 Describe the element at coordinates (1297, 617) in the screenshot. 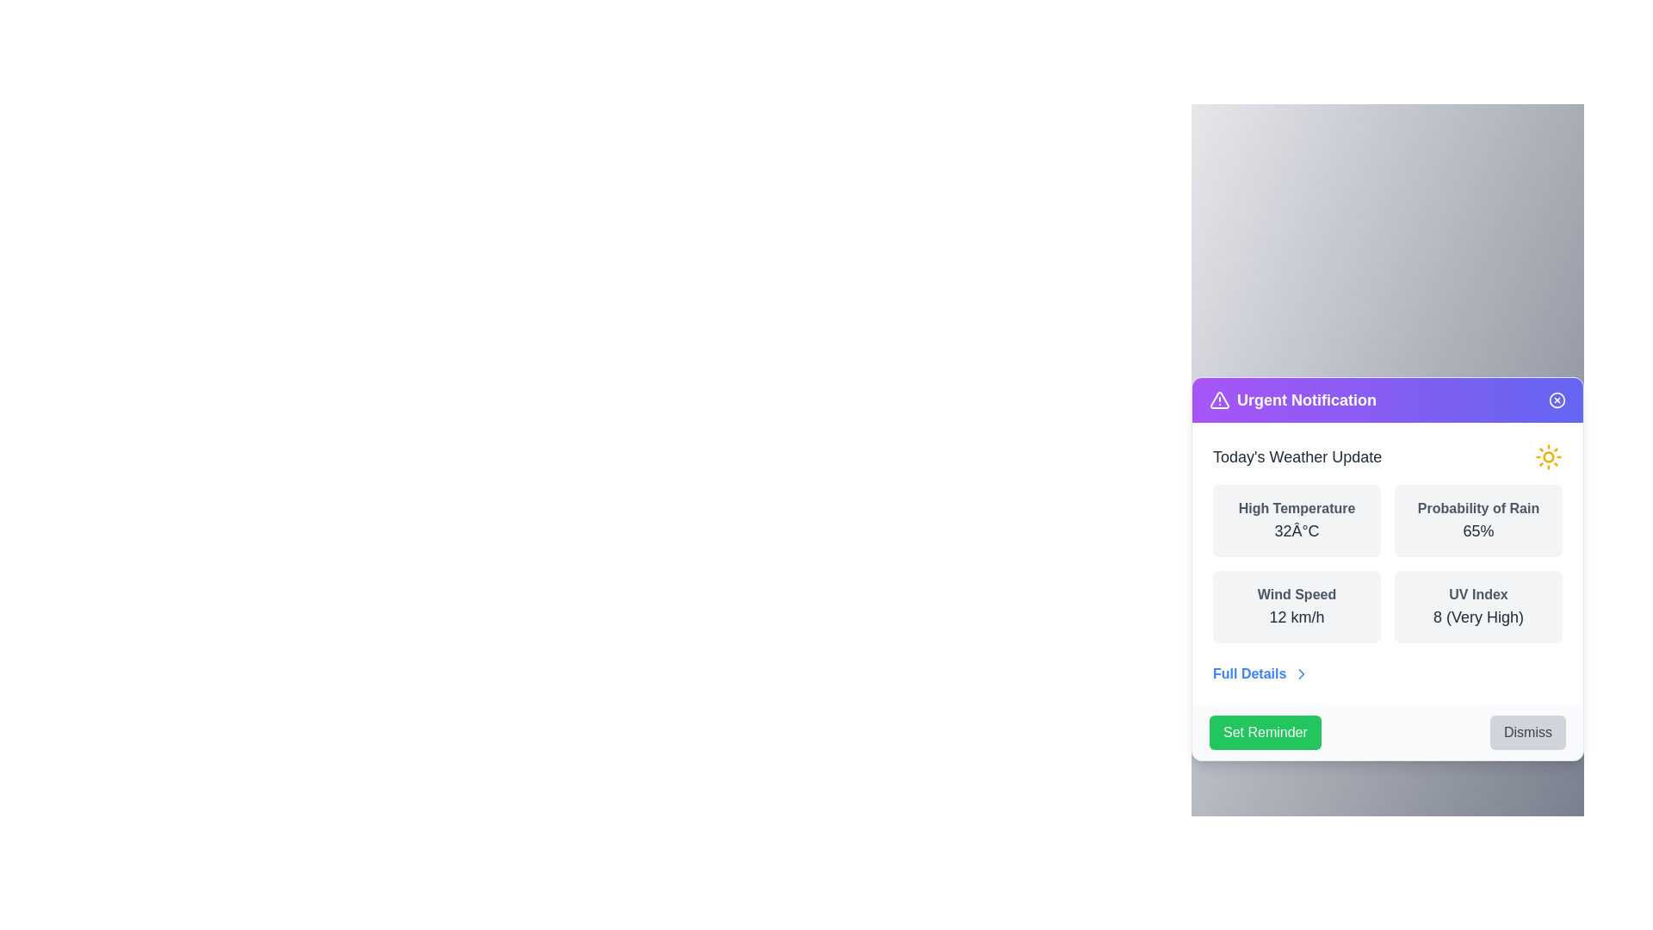

I see `displayed wind speed information located at the bottom of the 'Wind Speed' section in the weather update interface` at that location.